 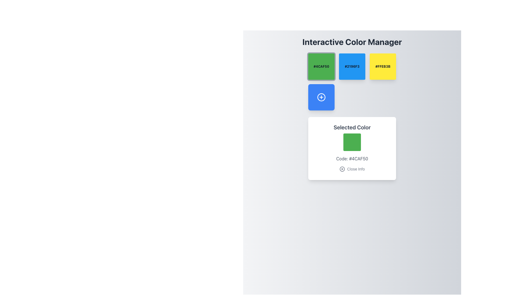 I want to click on the text label 'Interactive Color Manager', which is styled with bold, large font and is positioned at the upper-center of the interface, so click(x=352, y=42).